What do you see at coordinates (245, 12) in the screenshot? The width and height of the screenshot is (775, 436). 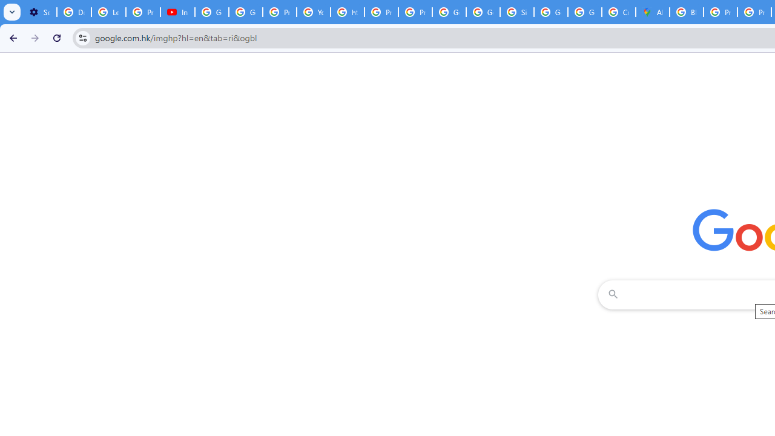 I see `'Google Account Help'` at bounding box center [245, 12].